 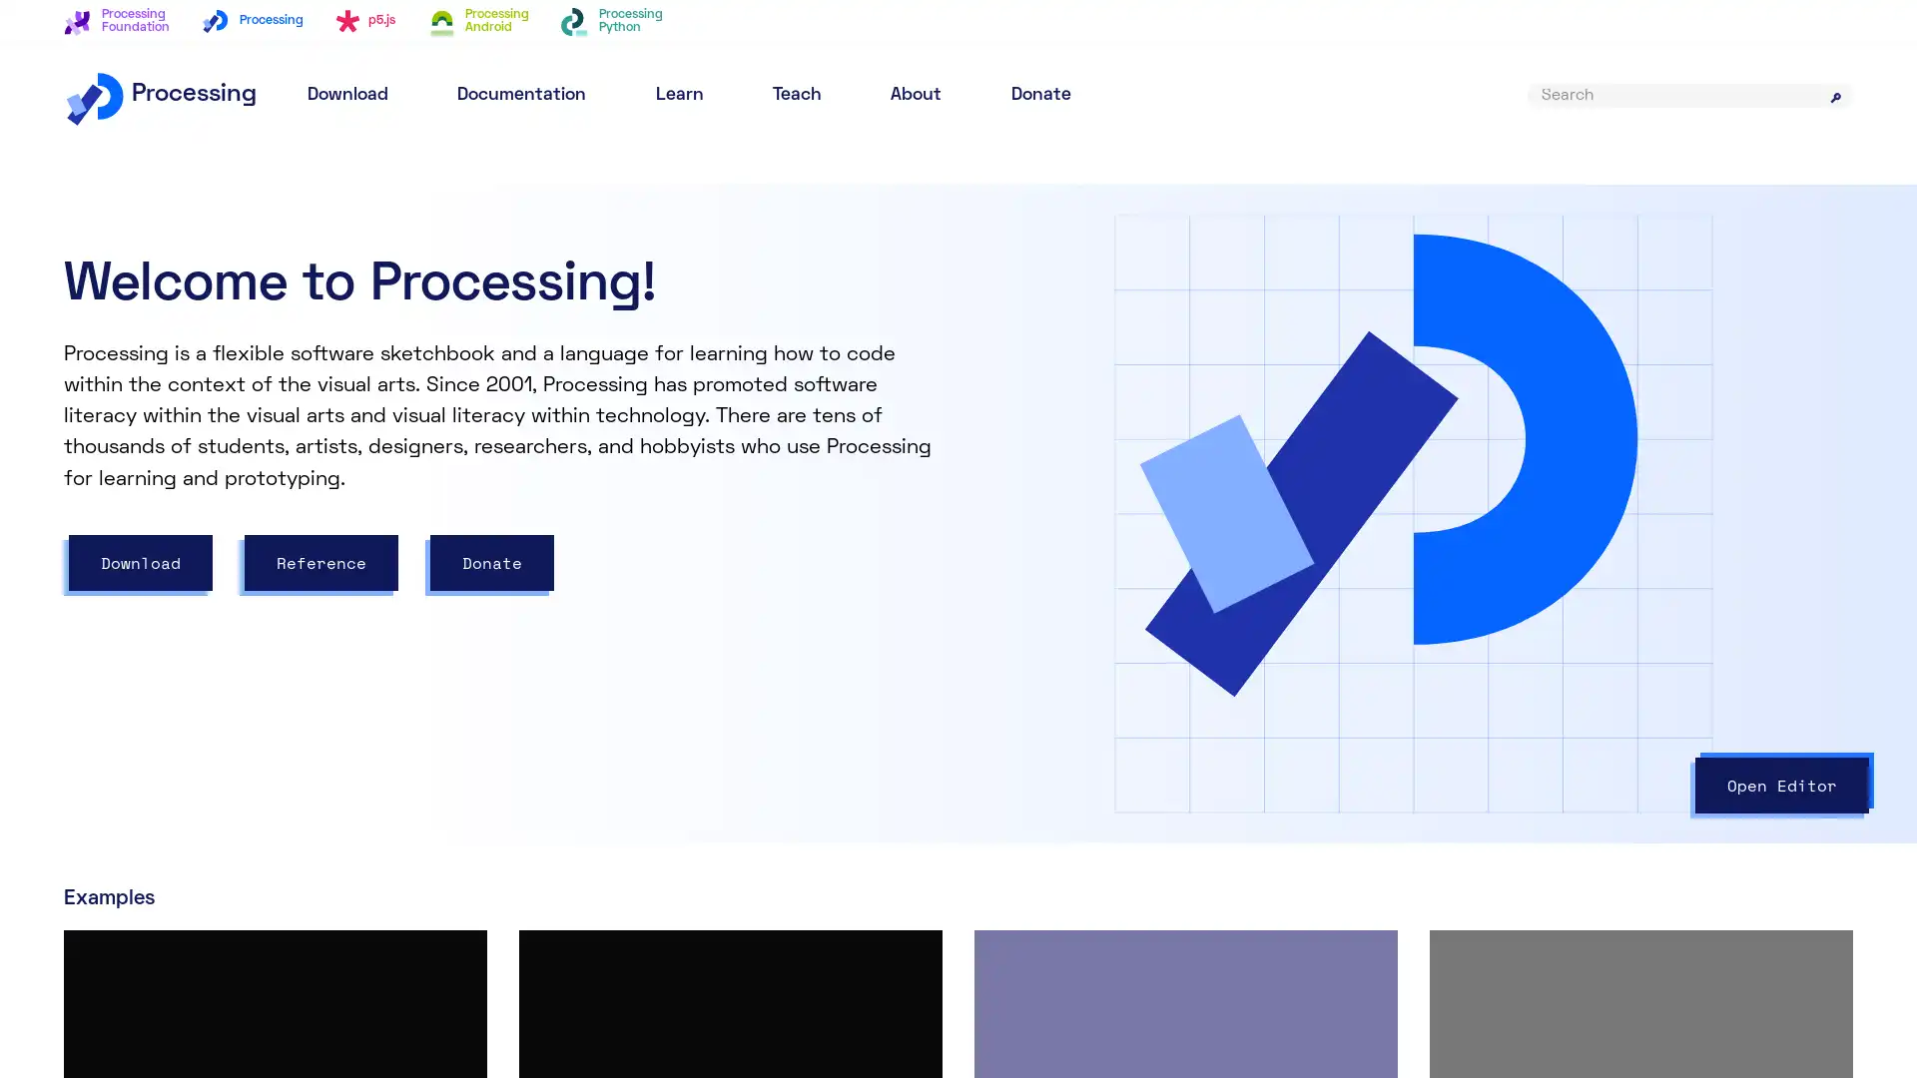 What do you see at coordinates (1082, 547) in the screenshot?
I see `change position` at bounding box center [1082, 547].